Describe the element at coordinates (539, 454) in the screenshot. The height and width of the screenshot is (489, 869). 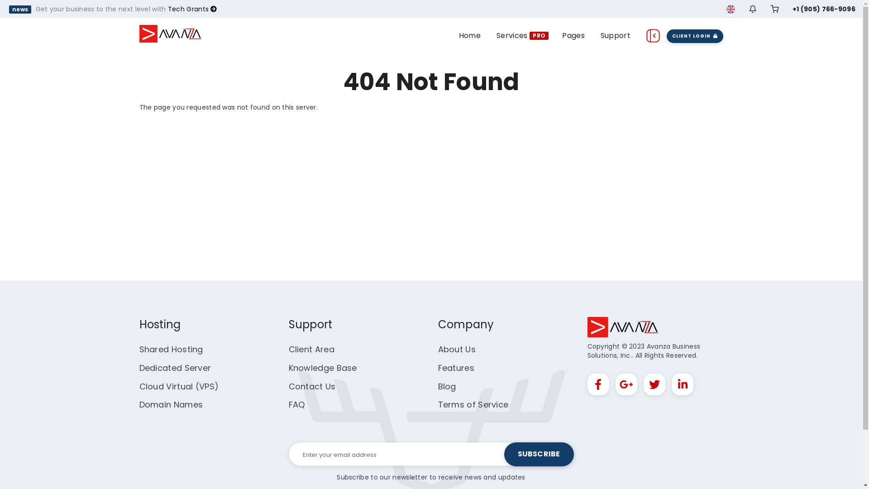
I see `'SUBSCRIBE'` at that location.